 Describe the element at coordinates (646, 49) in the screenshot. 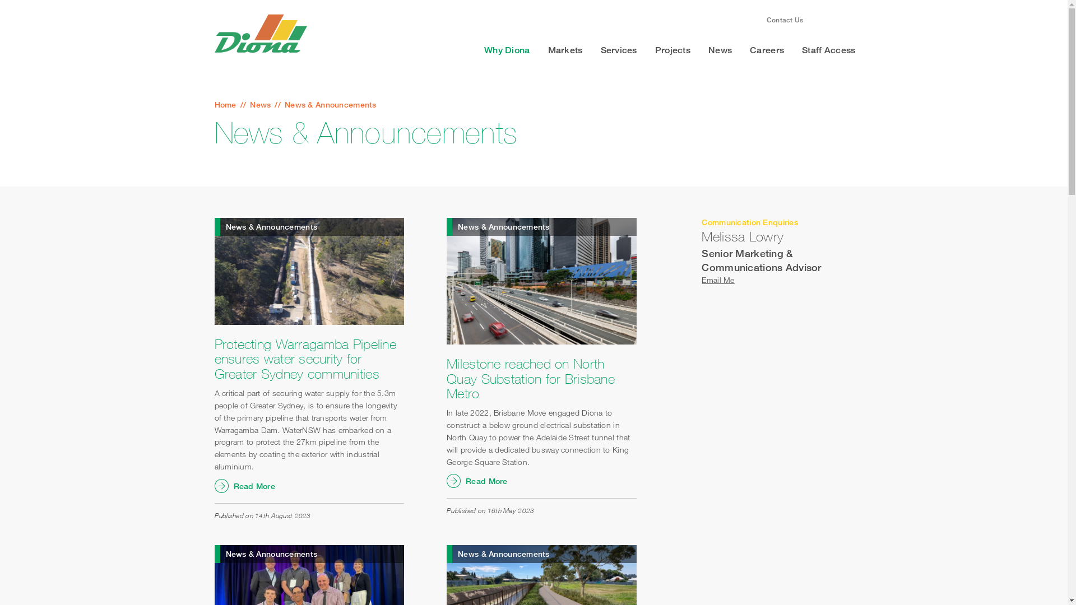

I see `'Projects'` at that location.